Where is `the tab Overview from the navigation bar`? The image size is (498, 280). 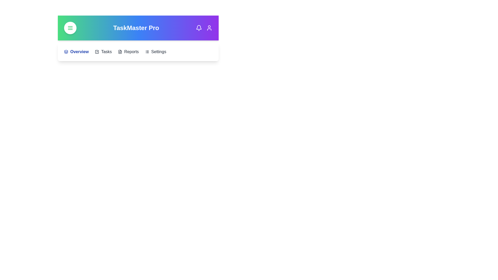
the tab Overview from the navigation bar is located at coordinates (76, 52).